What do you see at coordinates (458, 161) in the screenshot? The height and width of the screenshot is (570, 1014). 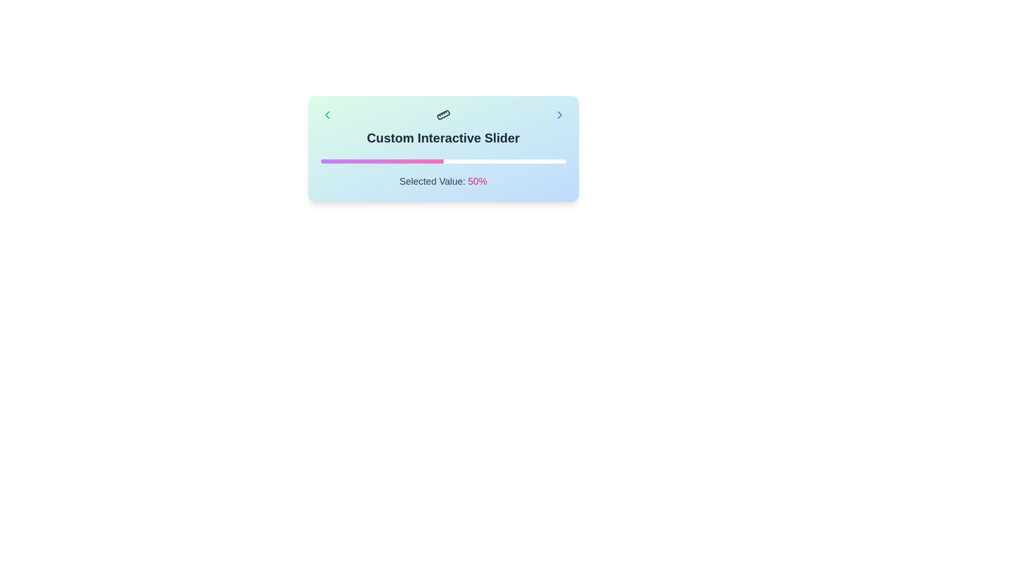 I see `the slider value` at bounding box center [458, 161].